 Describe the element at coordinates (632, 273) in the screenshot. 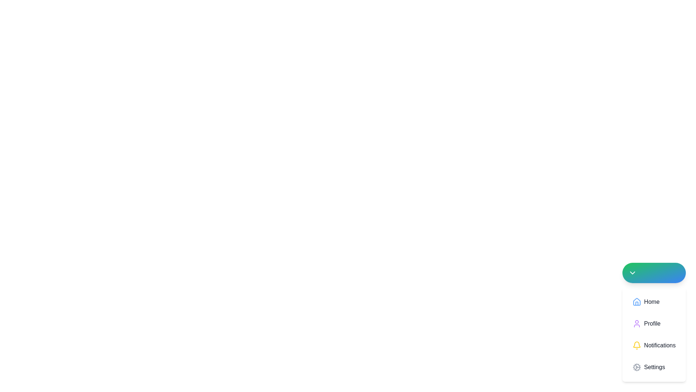

I see `the Chevron Down icon within the circular button located in the bottom-right corner of the interface for a visual response` at that location.